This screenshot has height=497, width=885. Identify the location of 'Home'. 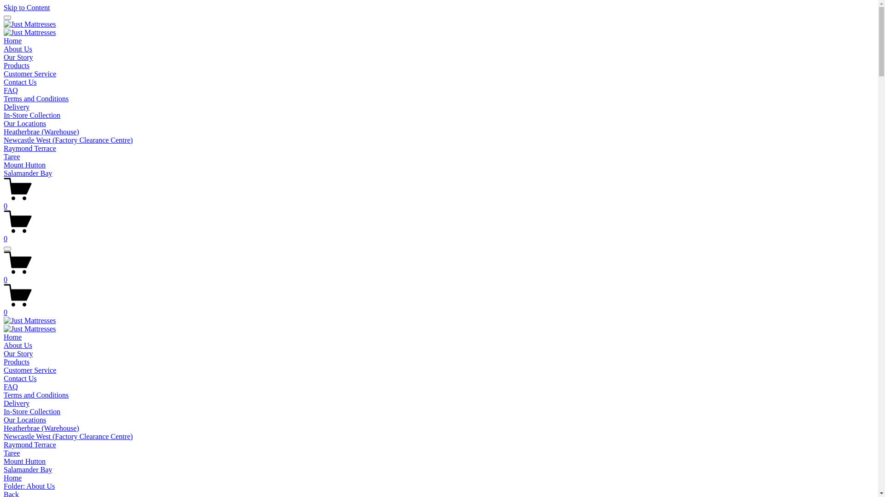
(12, 40).